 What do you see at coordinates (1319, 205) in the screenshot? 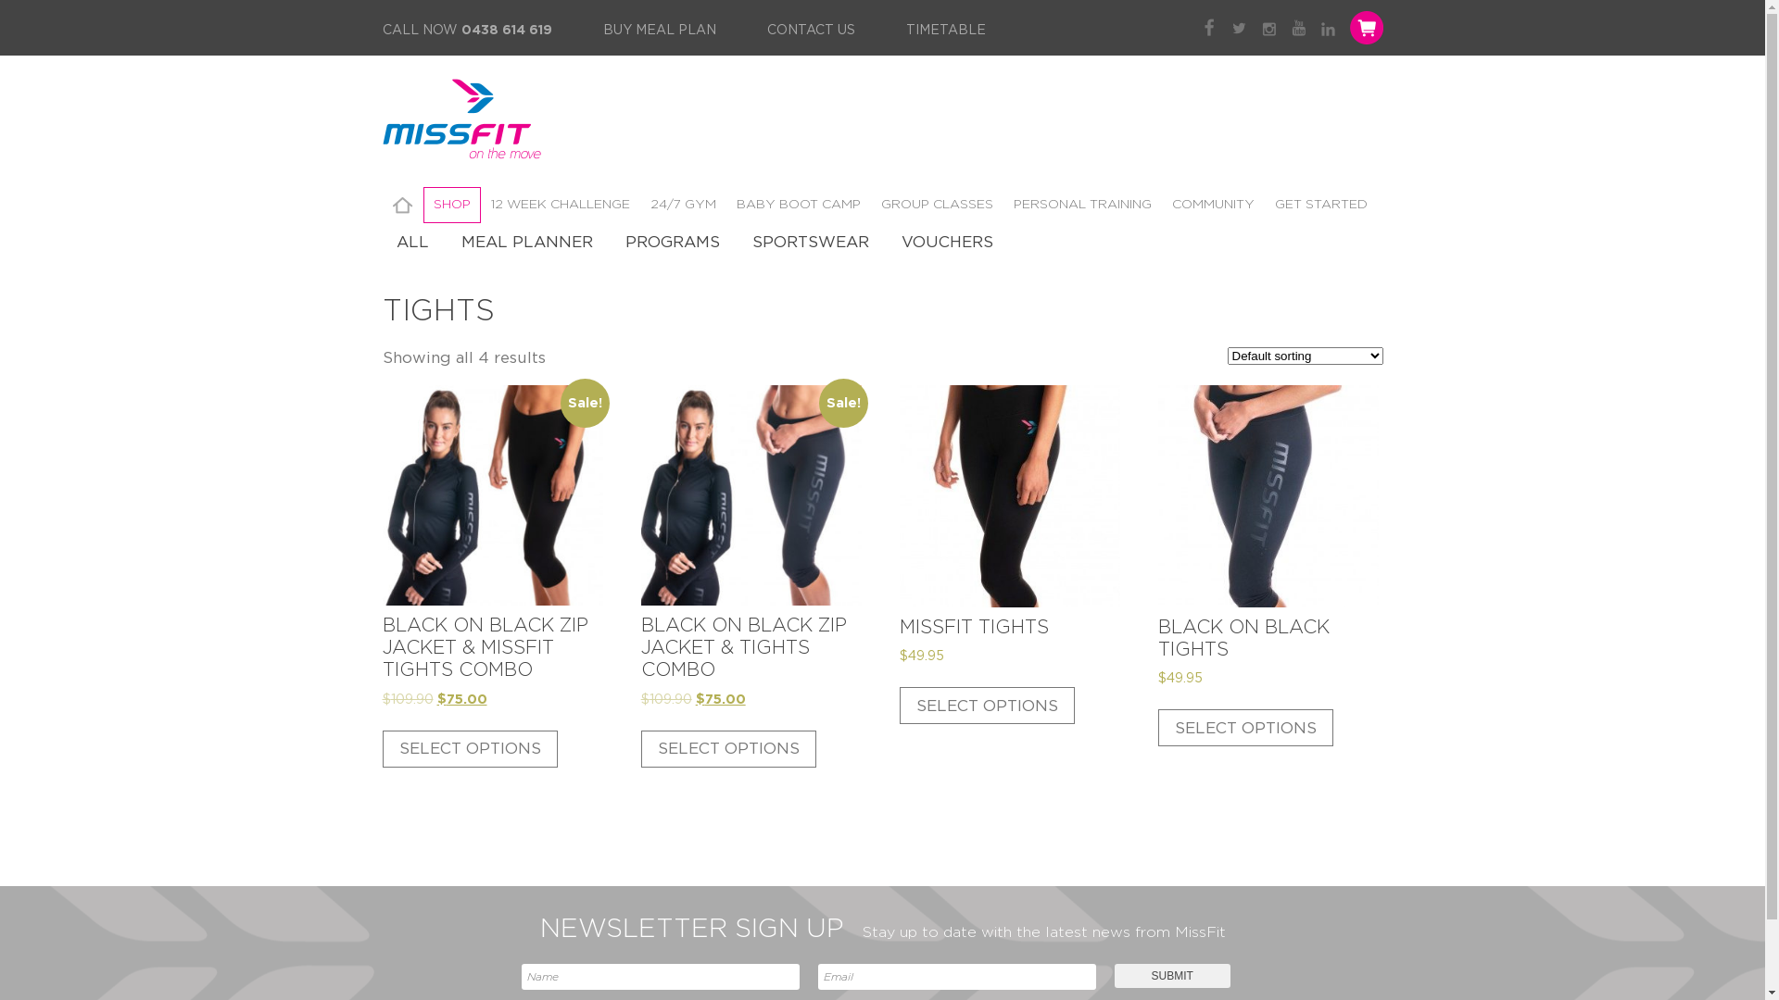
I see `'GET STARTED'` at bounding box center [1319, 205].